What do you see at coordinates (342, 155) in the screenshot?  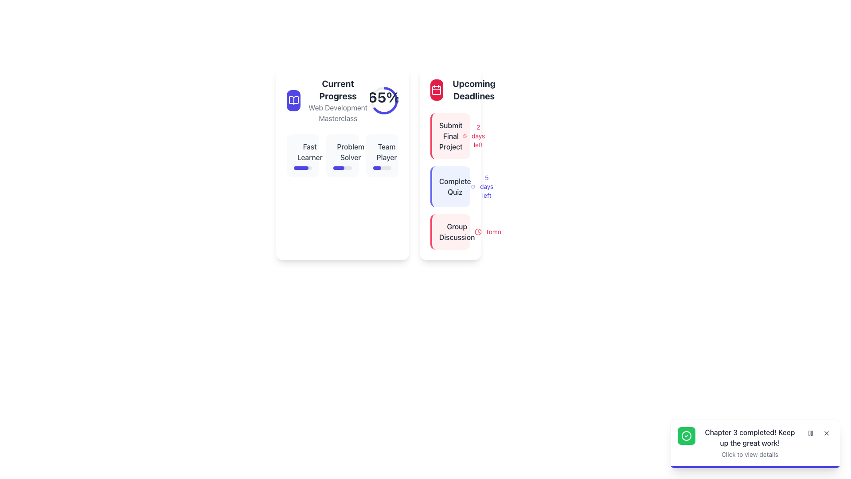 I see `the progress of the 'Problem Solver' skill evaluation displayed on the Progress Card, which is the middle card in the 'Current Progress' section` at bounding box center [342, 155].